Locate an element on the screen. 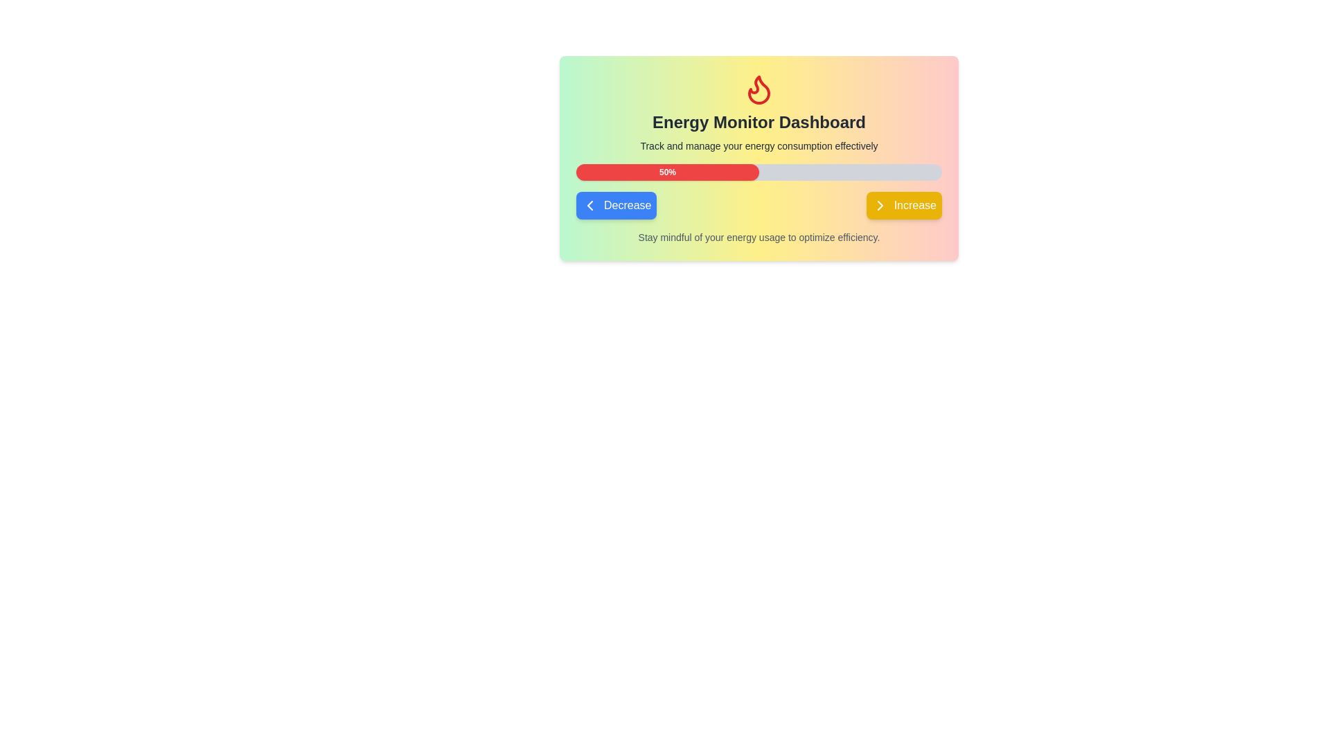 Image resolution: width=1330 pixels, height=748 pixels. the small left-pointing chevron icon located next to the button labeled 'Decrease' is located at coordinates (589, 206).